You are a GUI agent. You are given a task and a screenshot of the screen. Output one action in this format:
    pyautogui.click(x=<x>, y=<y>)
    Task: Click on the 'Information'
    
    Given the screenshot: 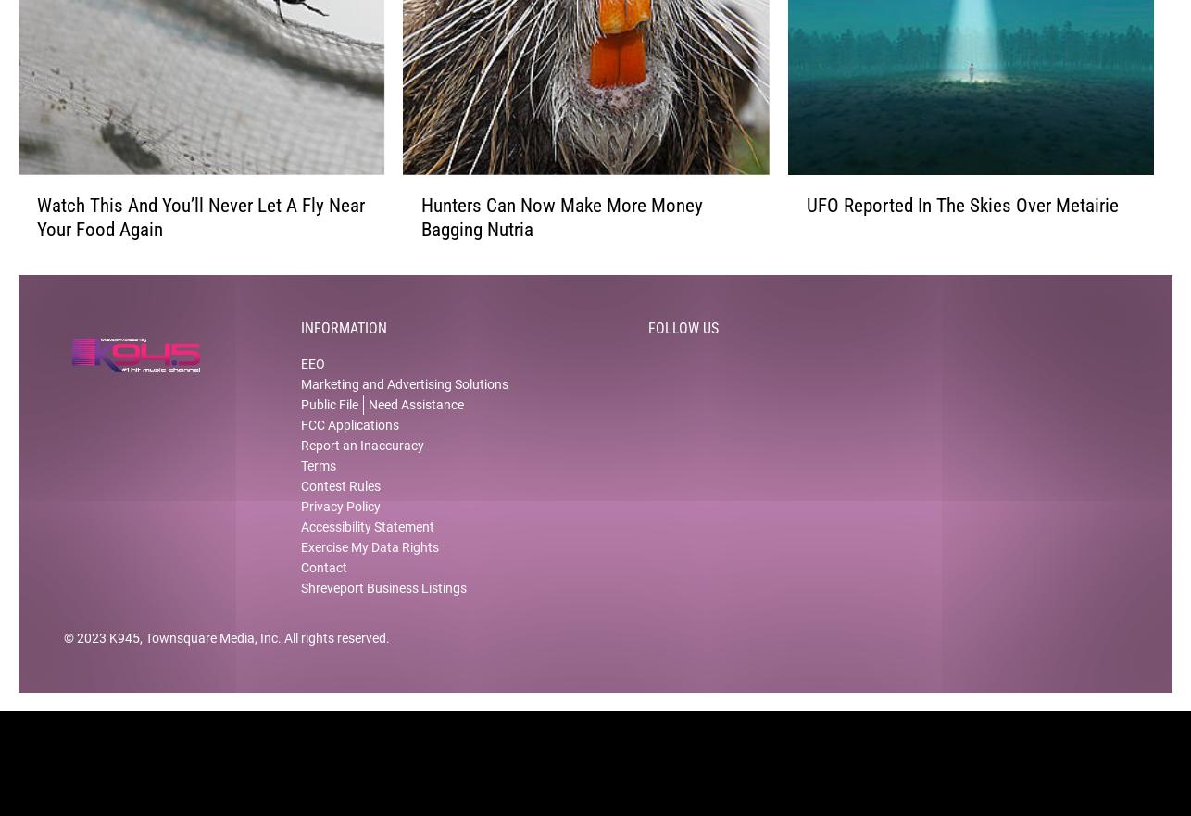 What is the action you would take?
    pyautogui.click(x=343, y=343)
    